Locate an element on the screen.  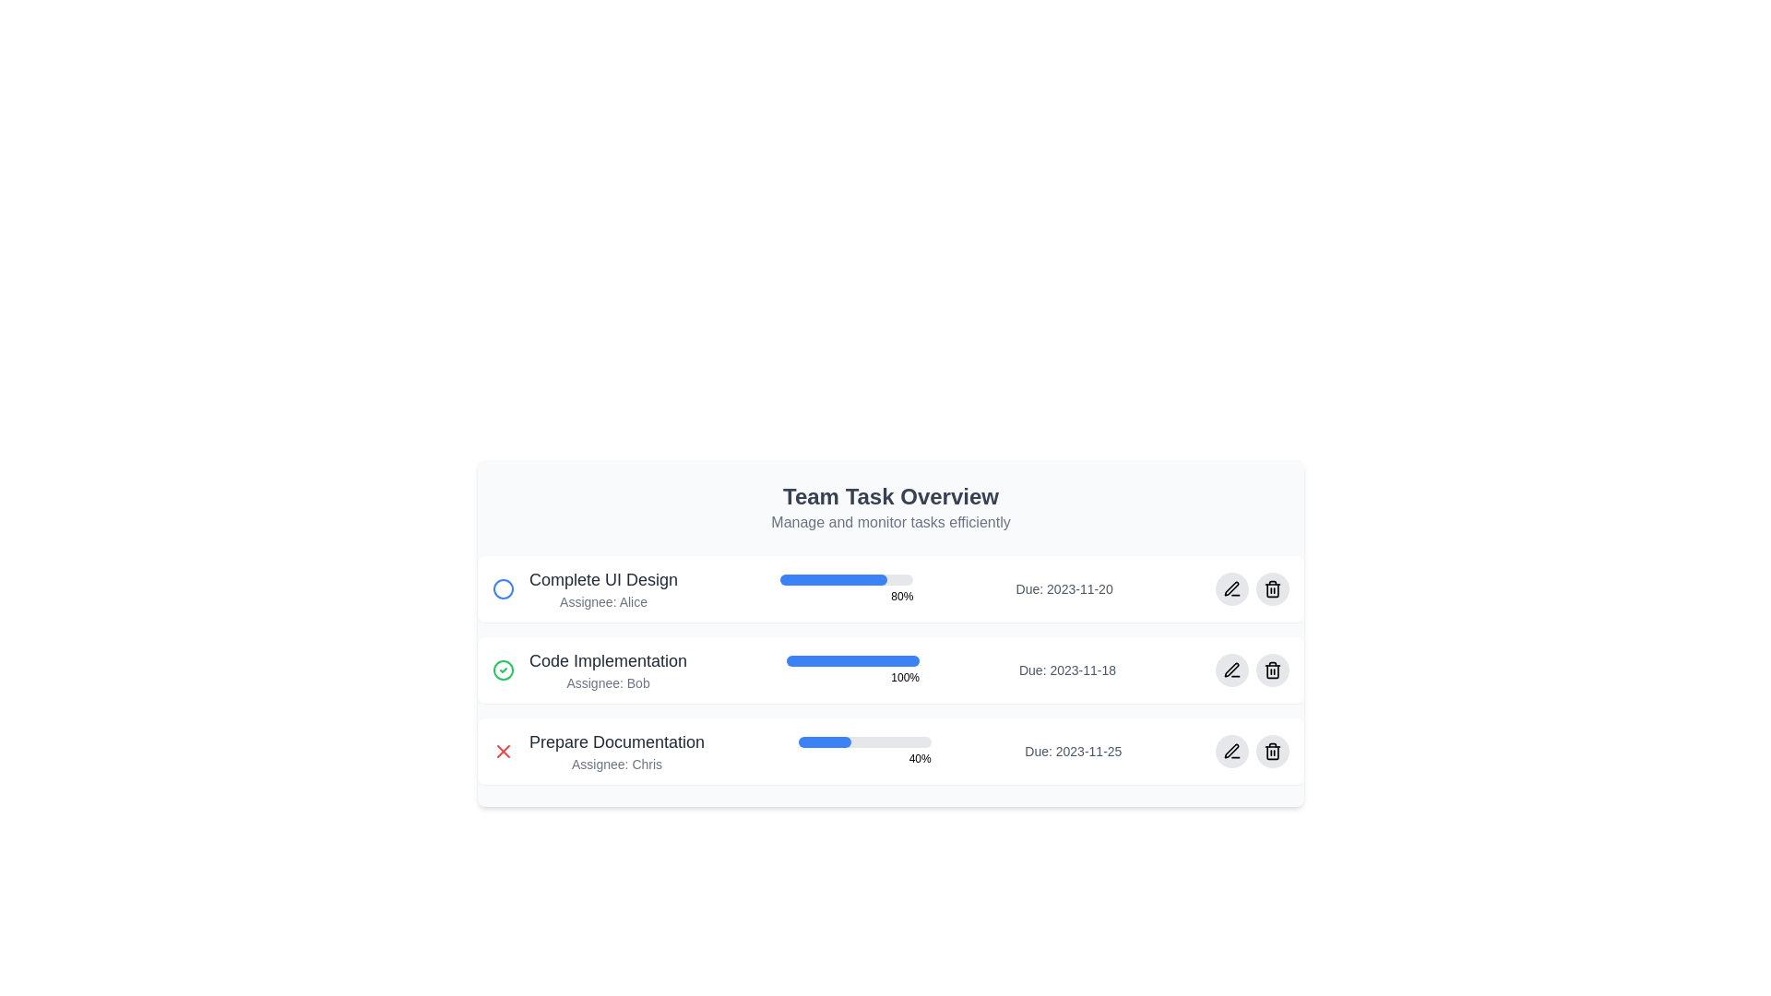
the delete action button located to the right of the task row labeled 'Complete UI Design' is located at coordinates (1271, 589).